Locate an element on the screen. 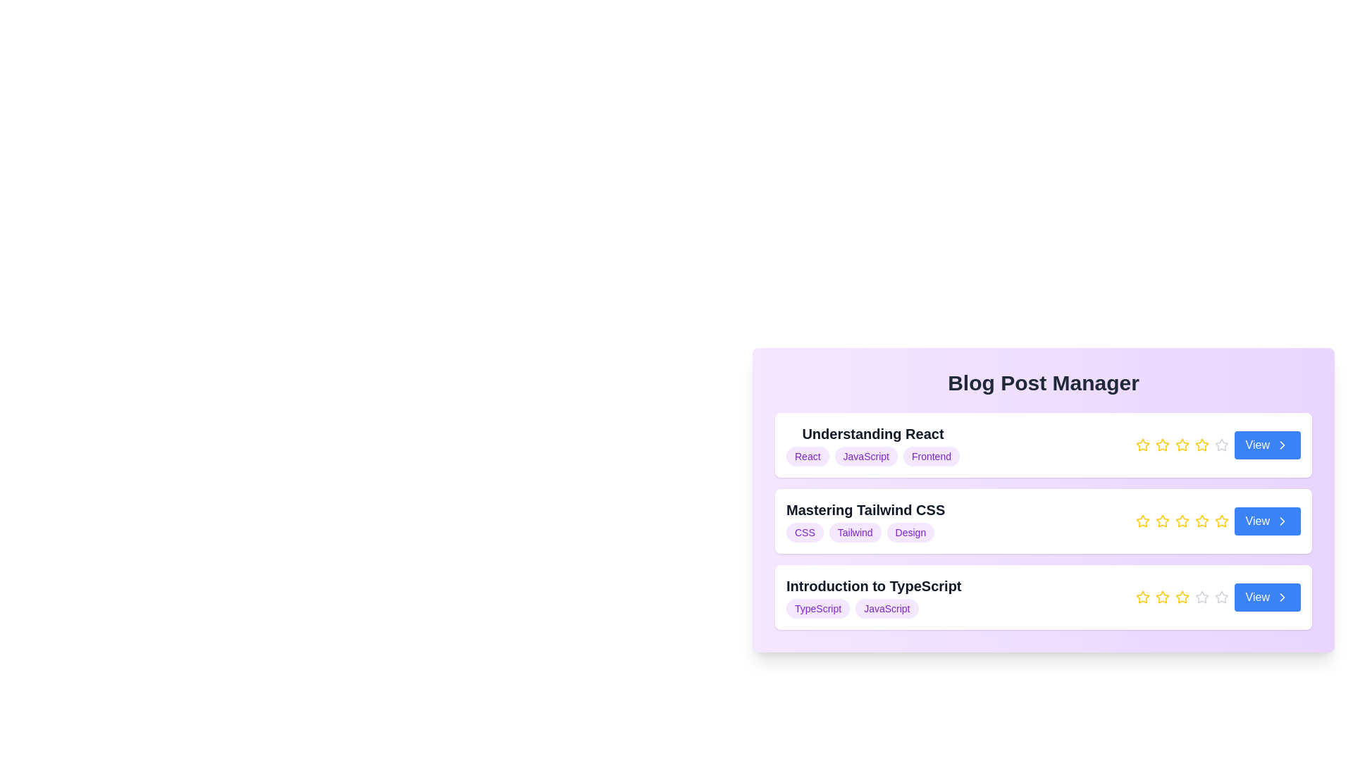 Image resolution: width=1353 pixels, height=761 pixels. the first yellow star icon in the 5-star rating system is located at coordinates (1142, 445).